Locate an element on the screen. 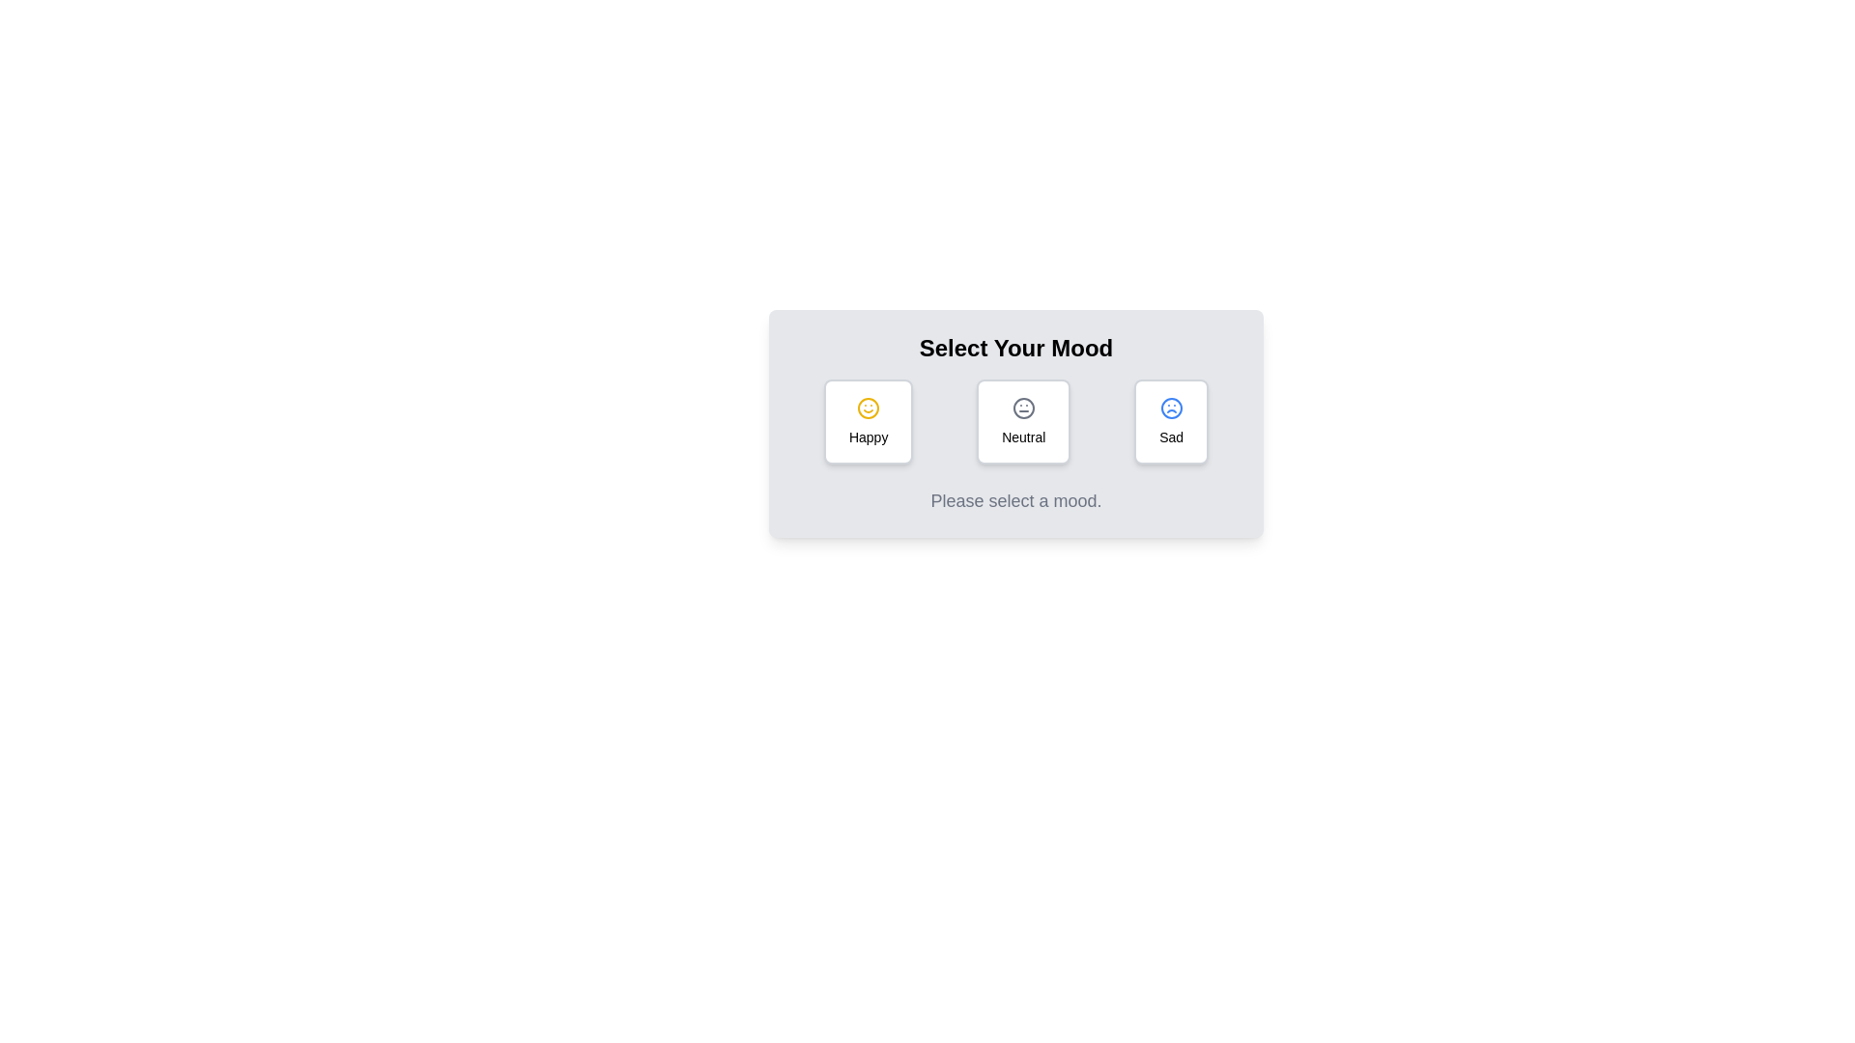  the 'Neutral' mood button located centrally in the mood selection interface is located at coordinates (1022, 420).